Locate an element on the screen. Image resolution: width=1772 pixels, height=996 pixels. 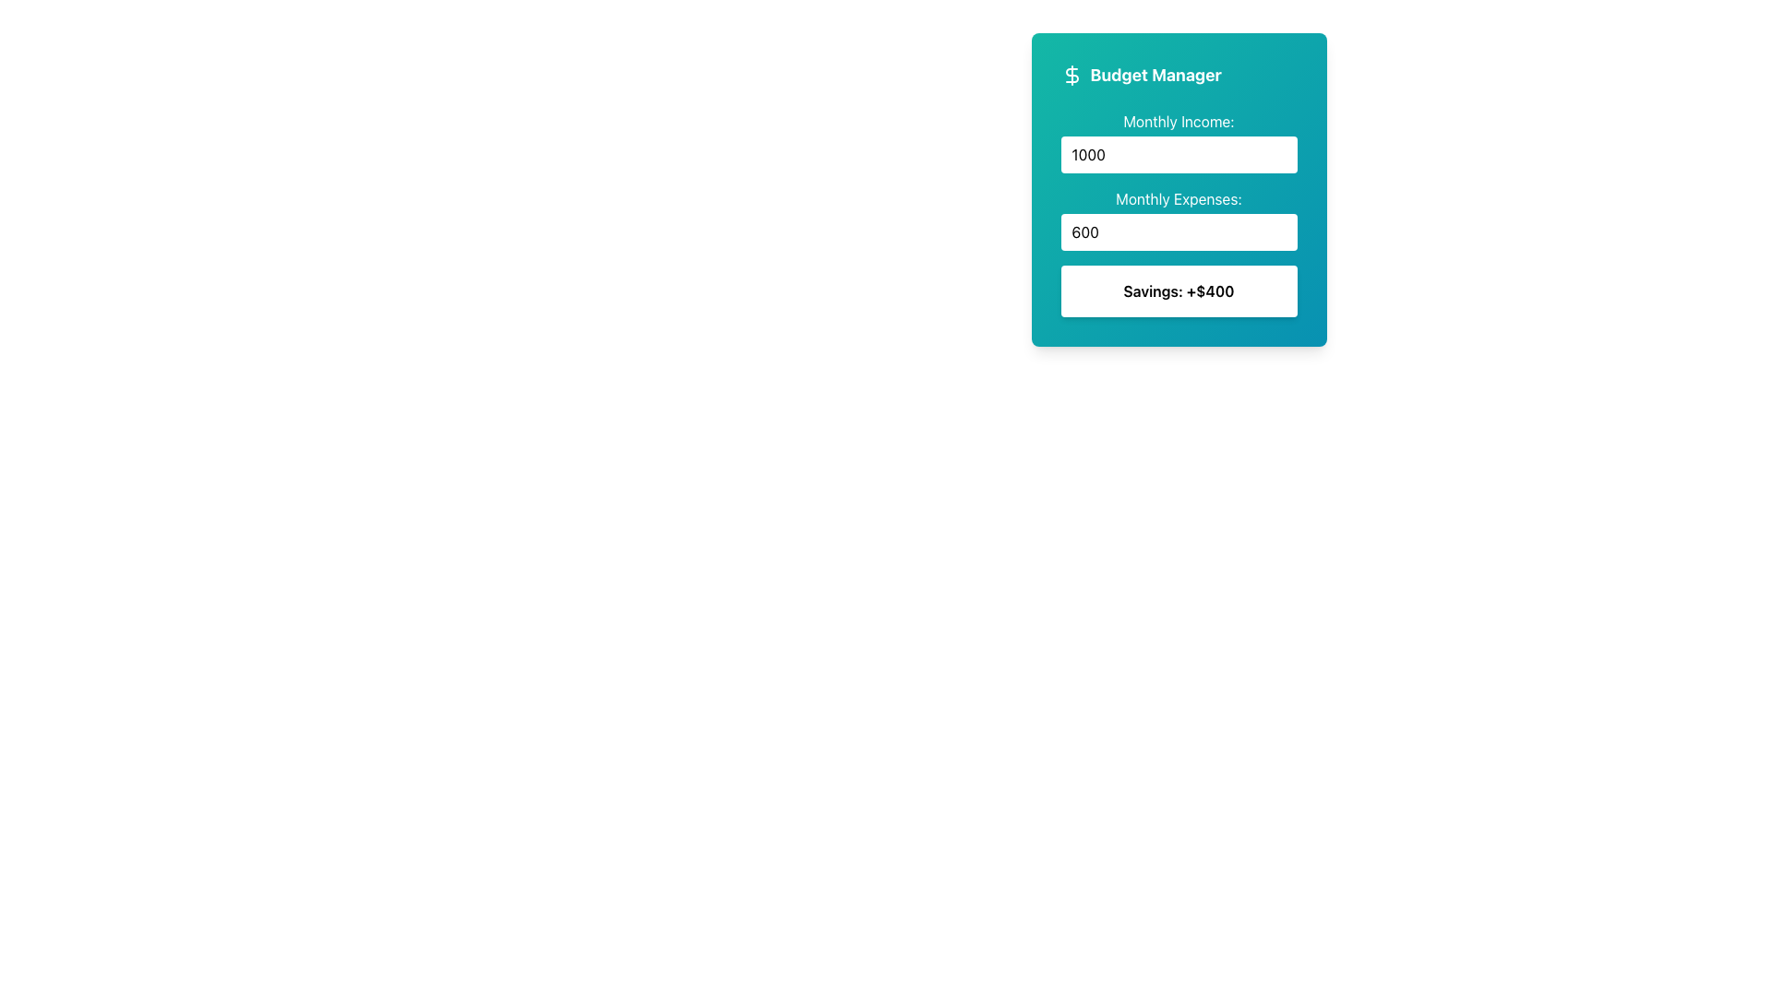
the financial management icon located on the left side of the 'Budget Manager' header is located at coordinates (1072, 74).